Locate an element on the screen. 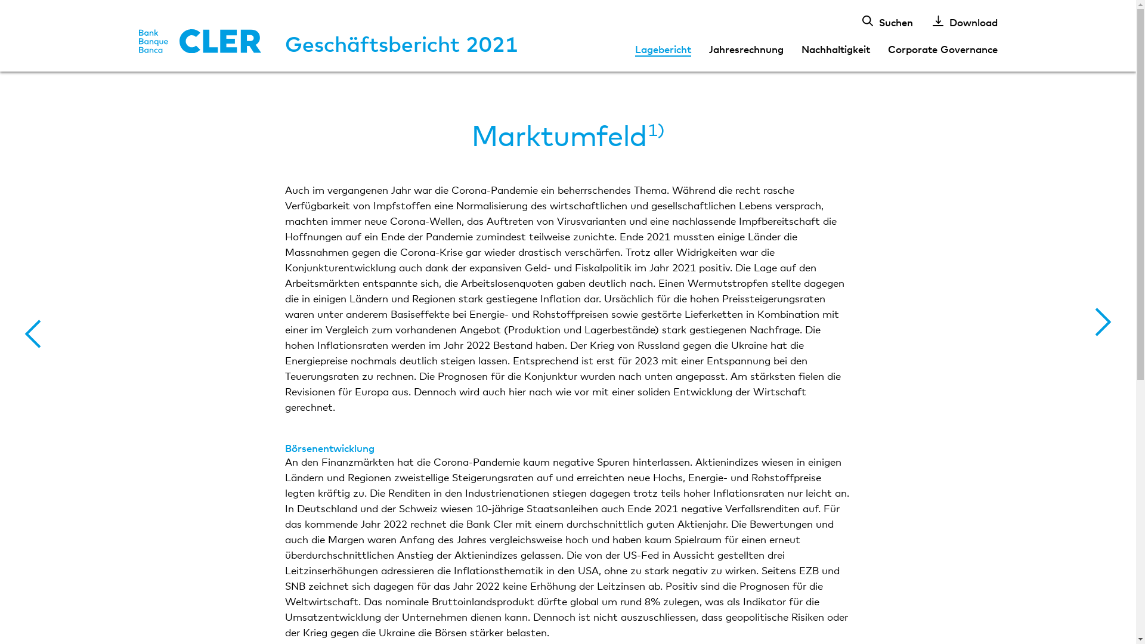  'Jahresrechnung' is located at coordinates (745, 48).